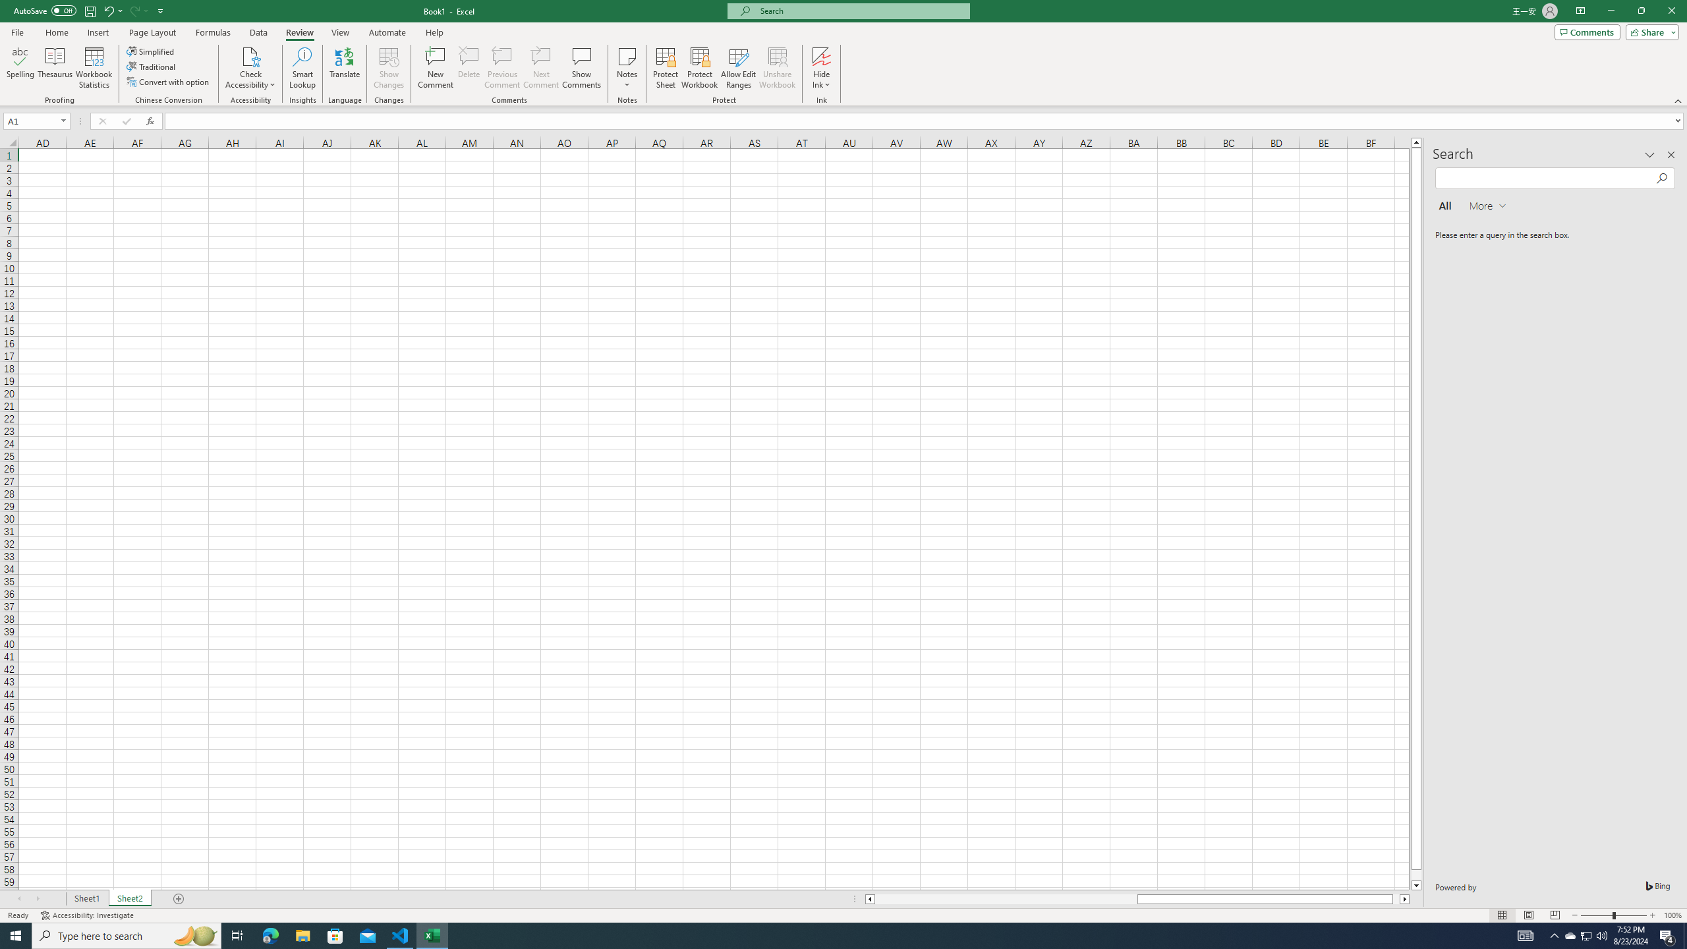 The image size is (1687, 949). Describe the element at coordinates (777, 68) in the screenshot. I see `'Unshare Workbook'` at that location.